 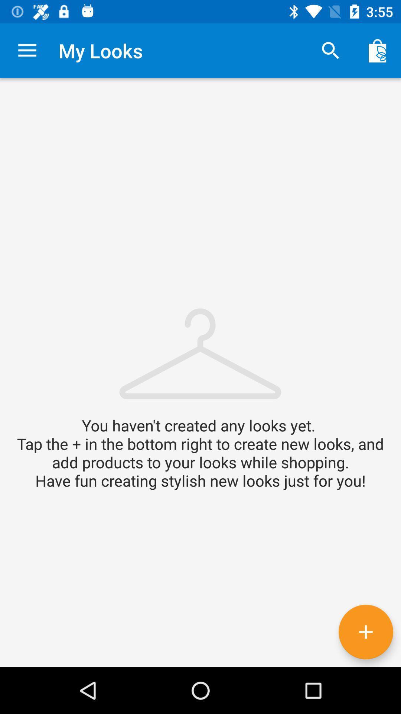 I want to click on the add icon, so click(x=365, y=631).